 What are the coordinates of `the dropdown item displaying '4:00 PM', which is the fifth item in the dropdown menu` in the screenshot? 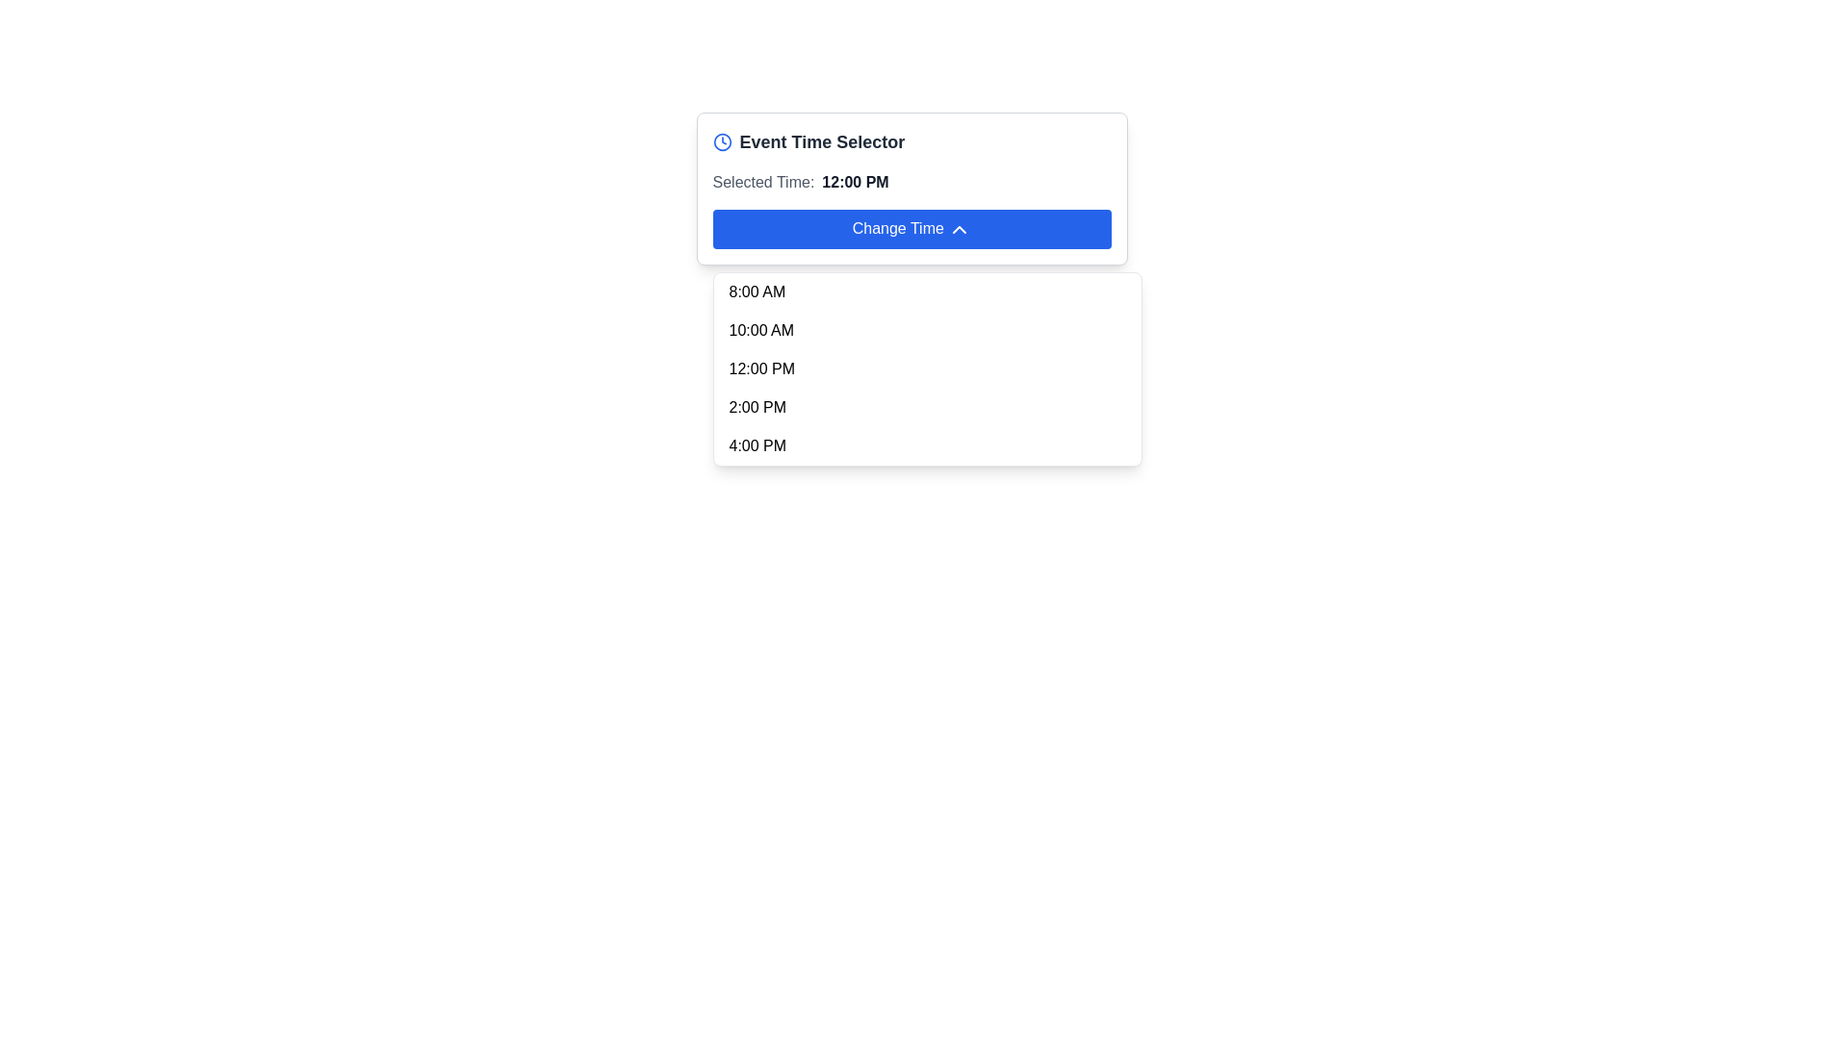 It's located at (927, 445).